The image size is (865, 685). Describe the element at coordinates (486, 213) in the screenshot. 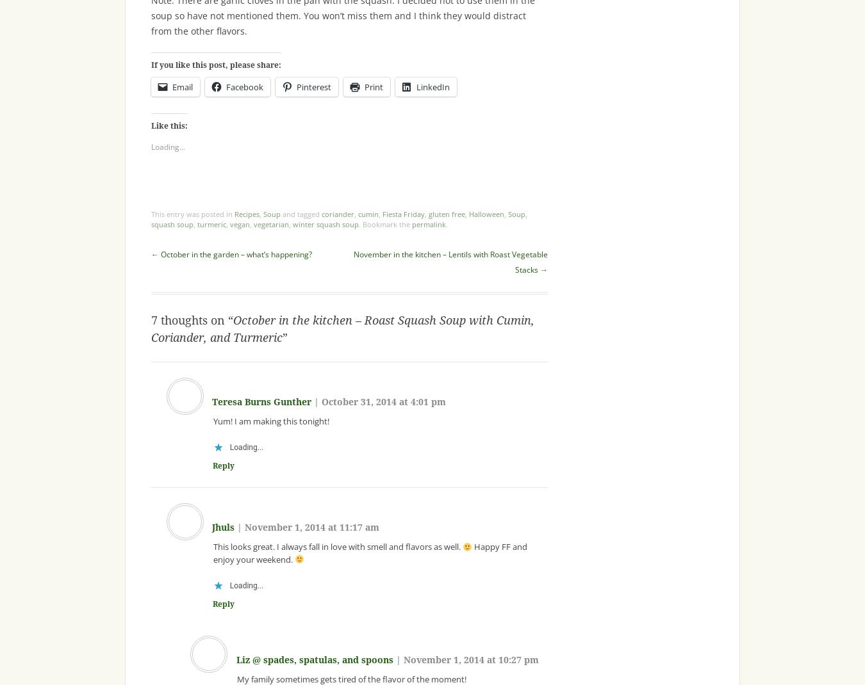

I see `'Halloween'` at that location.